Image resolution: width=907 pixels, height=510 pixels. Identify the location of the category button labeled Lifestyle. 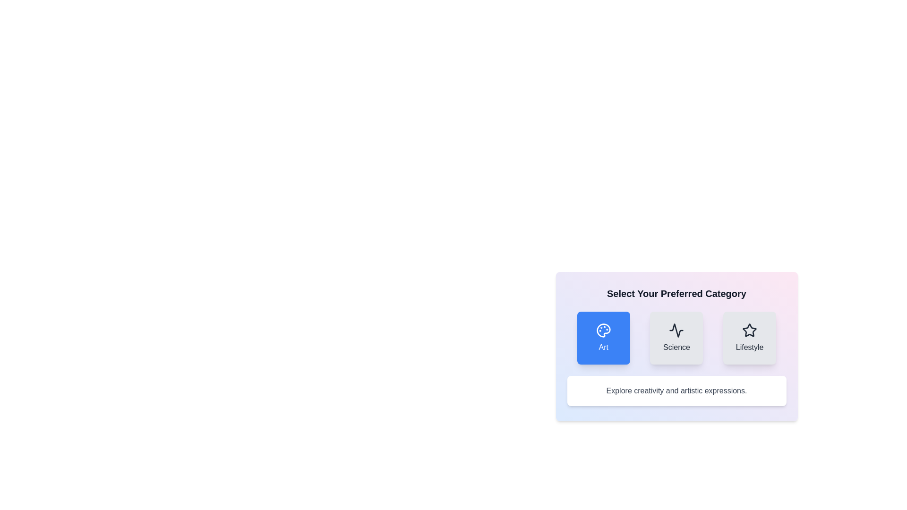
(749, 338).